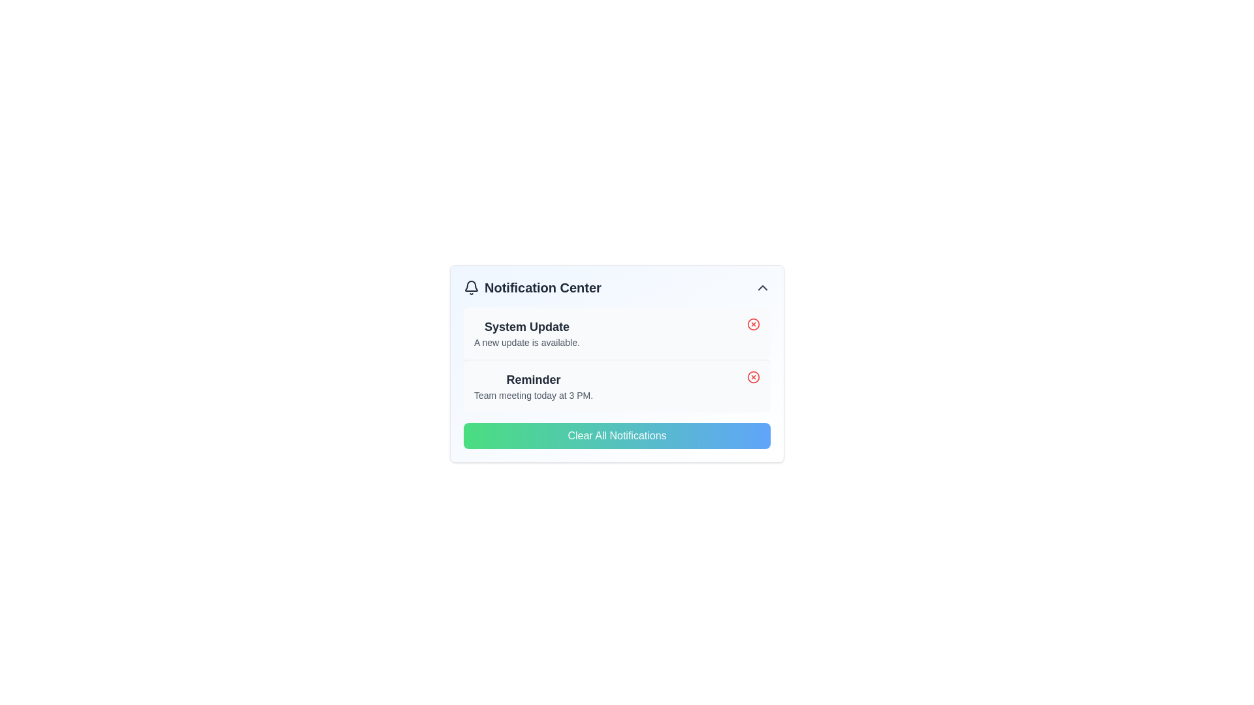  What do you see at coordinates (617, 420) in the screenshot?
I see `the clear notifications button located centrally at the bottom of the notification center` at bounding box center [617, 420].